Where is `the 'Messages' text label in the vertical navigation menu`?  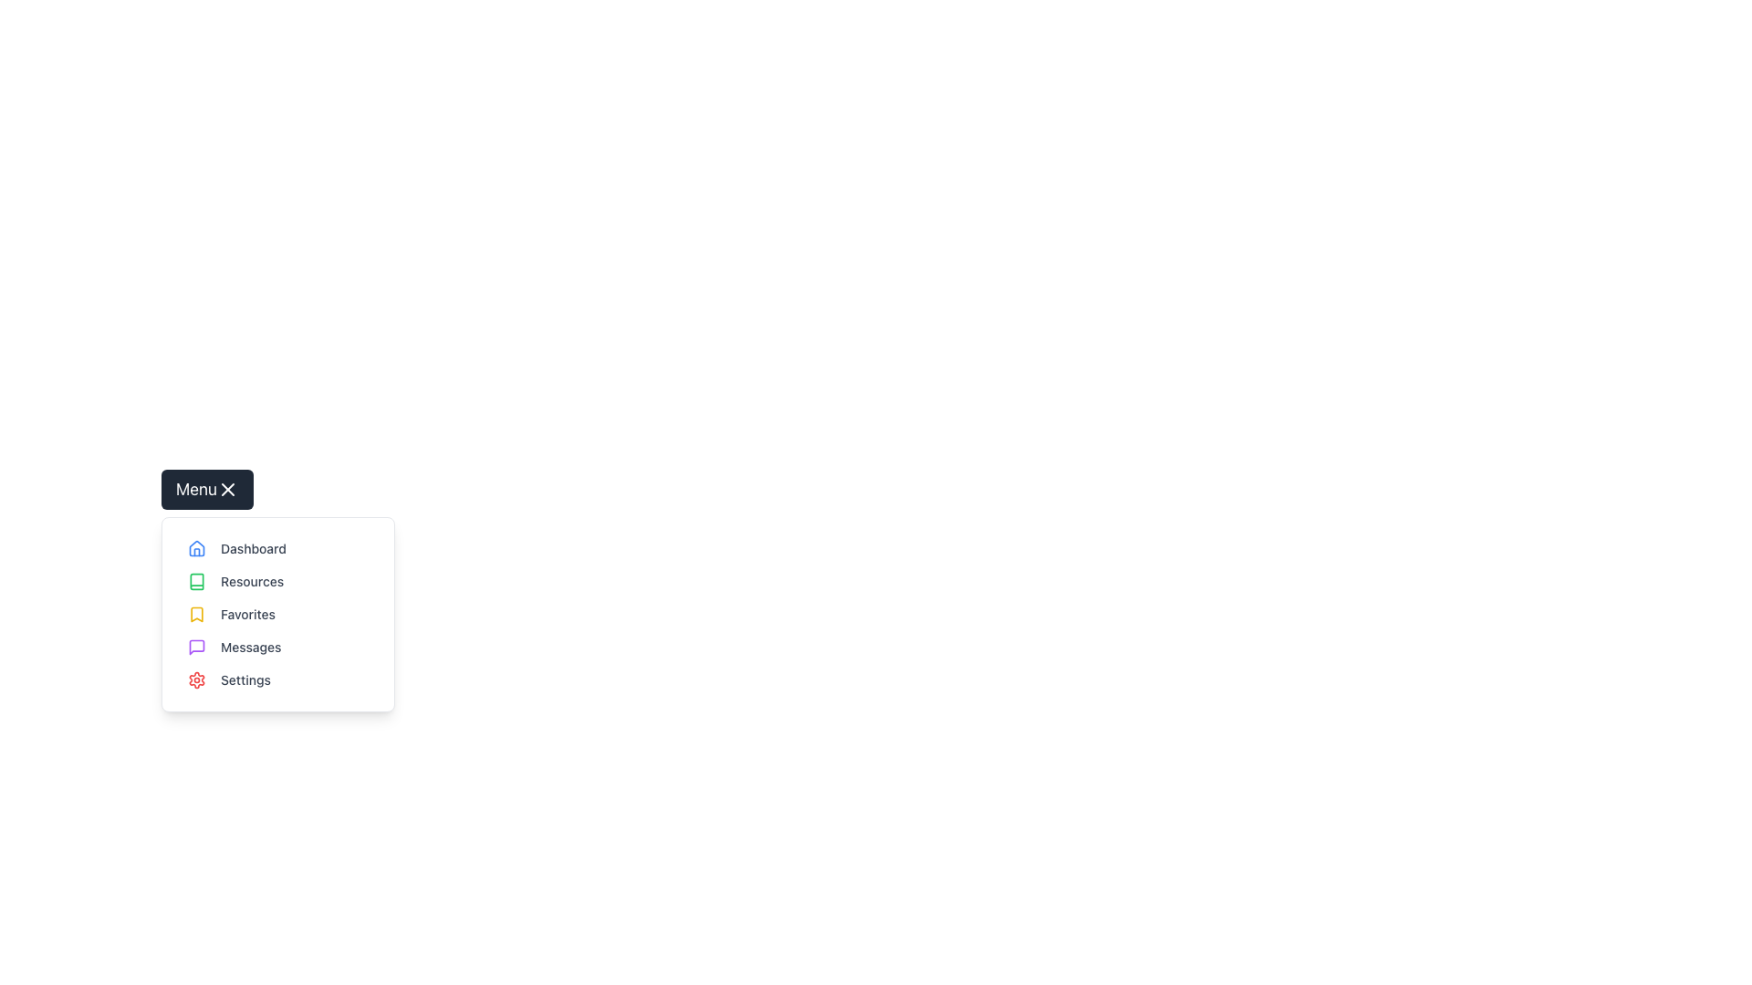
the 'Messages' text label in the vertical navigation menu is located at coordinates (250, 646).